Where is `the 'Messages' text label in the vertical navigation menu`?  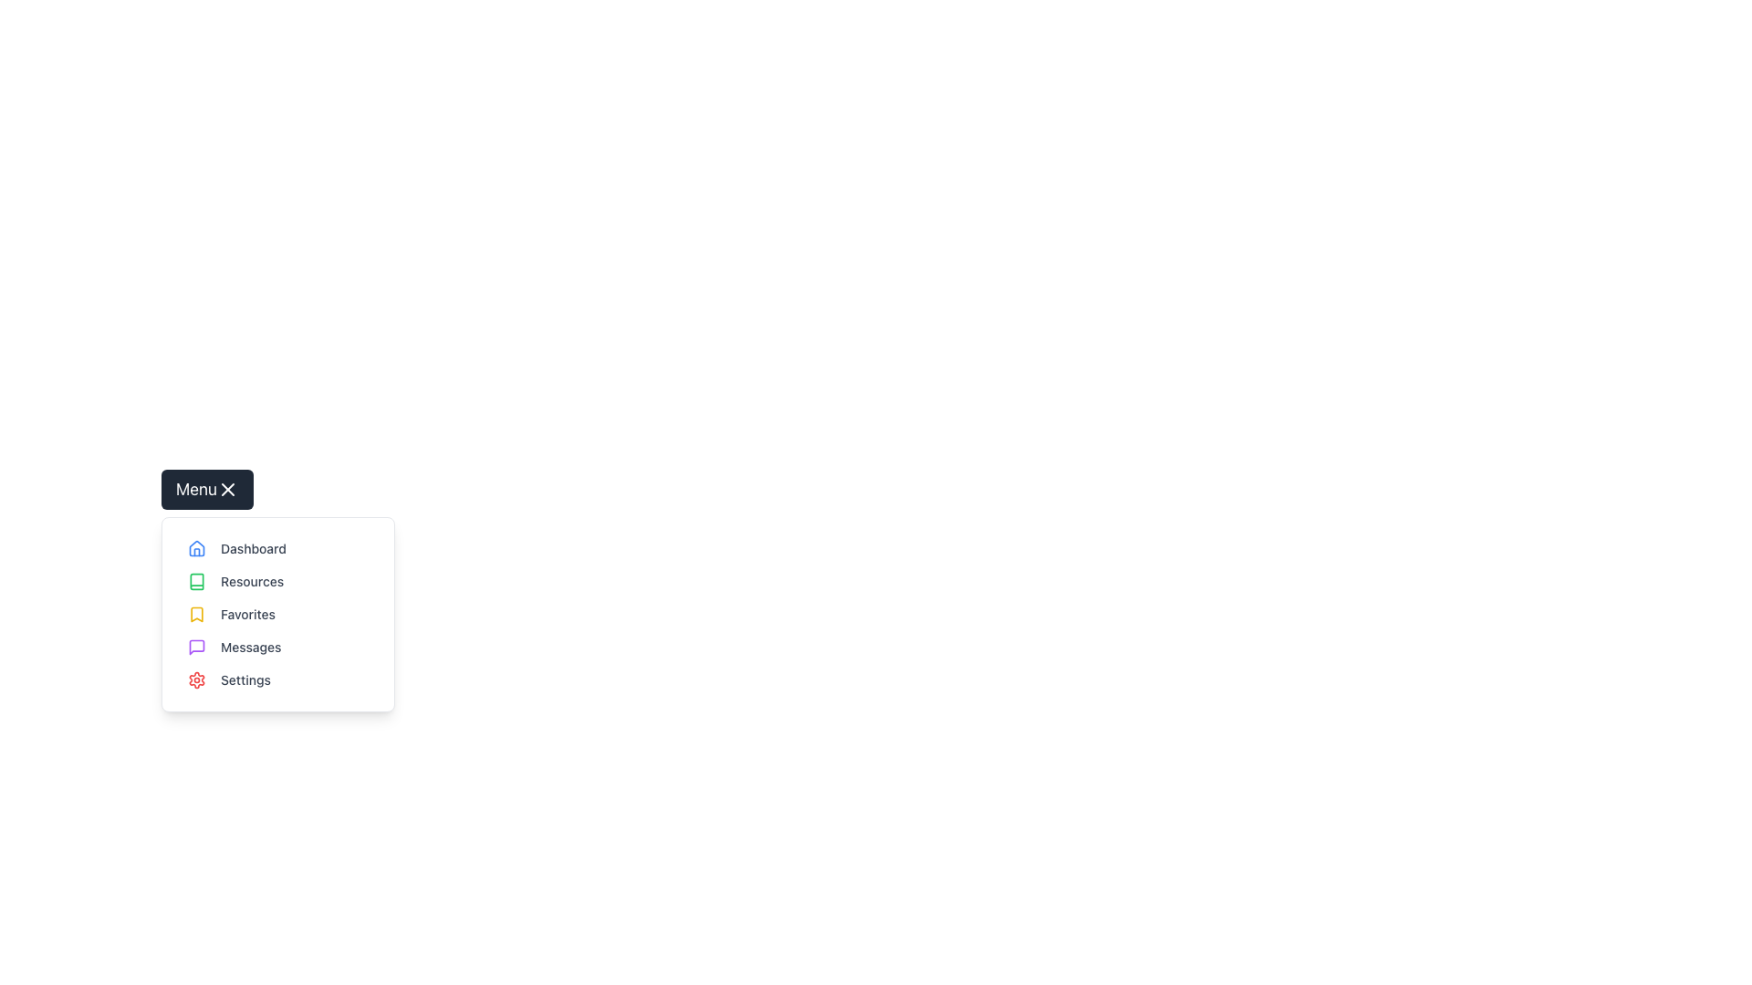
the 'Messages' text label in the vertical navigation menu is located at coordinates (250, 646).